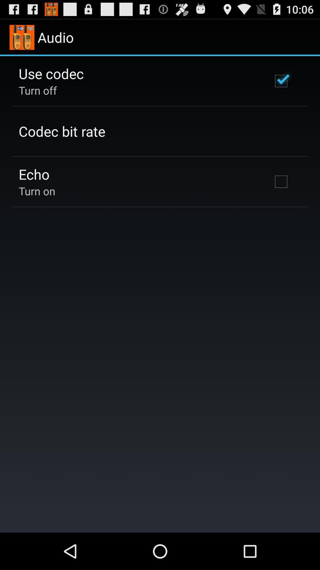 Image resolution: width=320 pixels, height=570 pixels. Describe the element at coordinates (37, 191) in the screenshot. I see `the turn on icon` at that location.